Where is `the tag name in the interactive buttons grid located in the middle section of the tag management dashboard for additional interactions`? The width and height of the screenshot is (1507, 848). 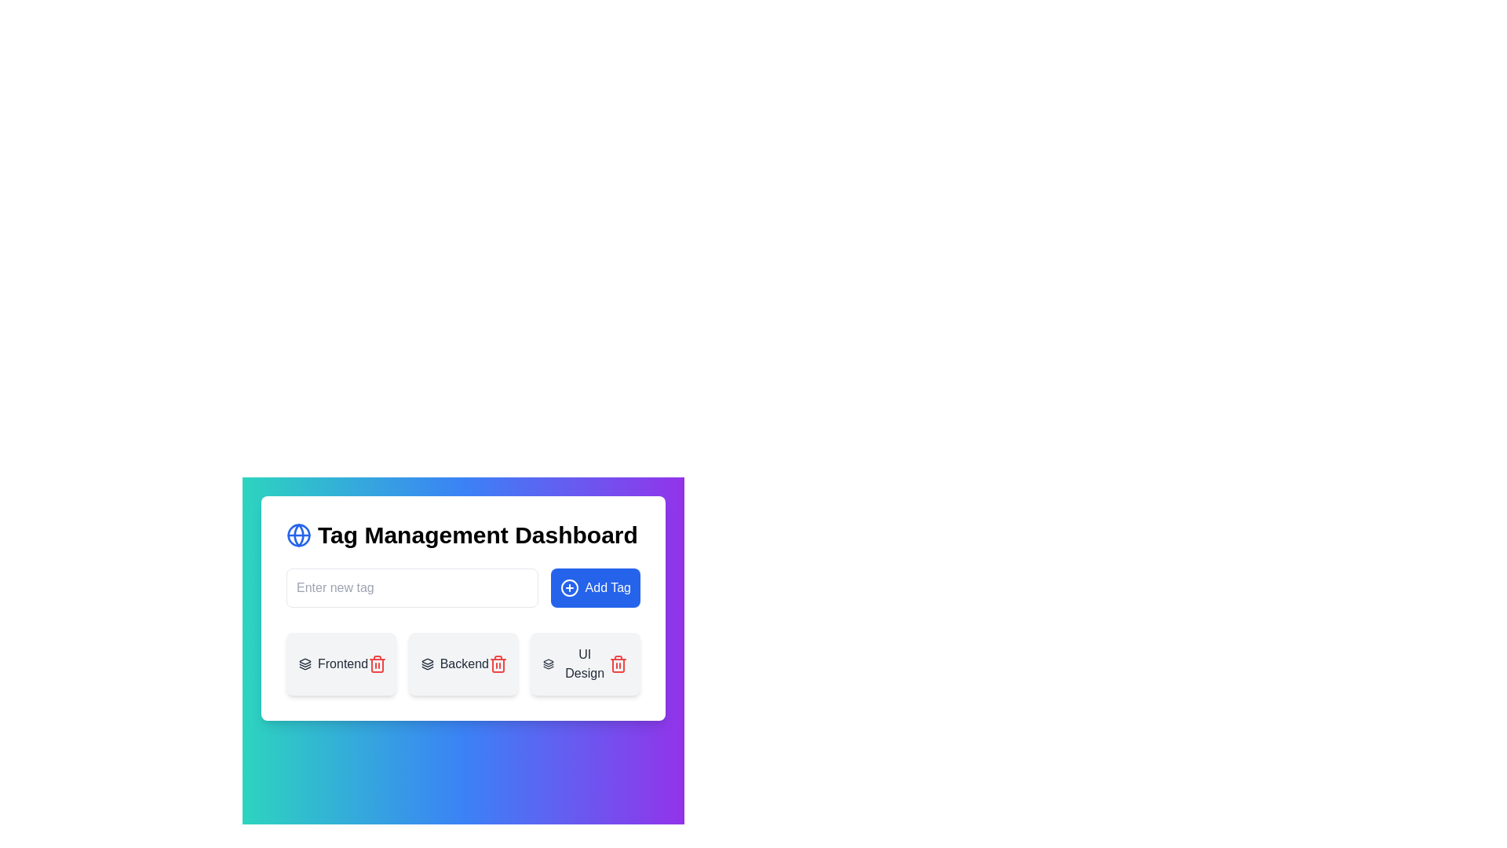 the tag name in the interactive buttons grid located in the middle section of the tag management dashboard for additional interactions is located at coordinates (462, 663).